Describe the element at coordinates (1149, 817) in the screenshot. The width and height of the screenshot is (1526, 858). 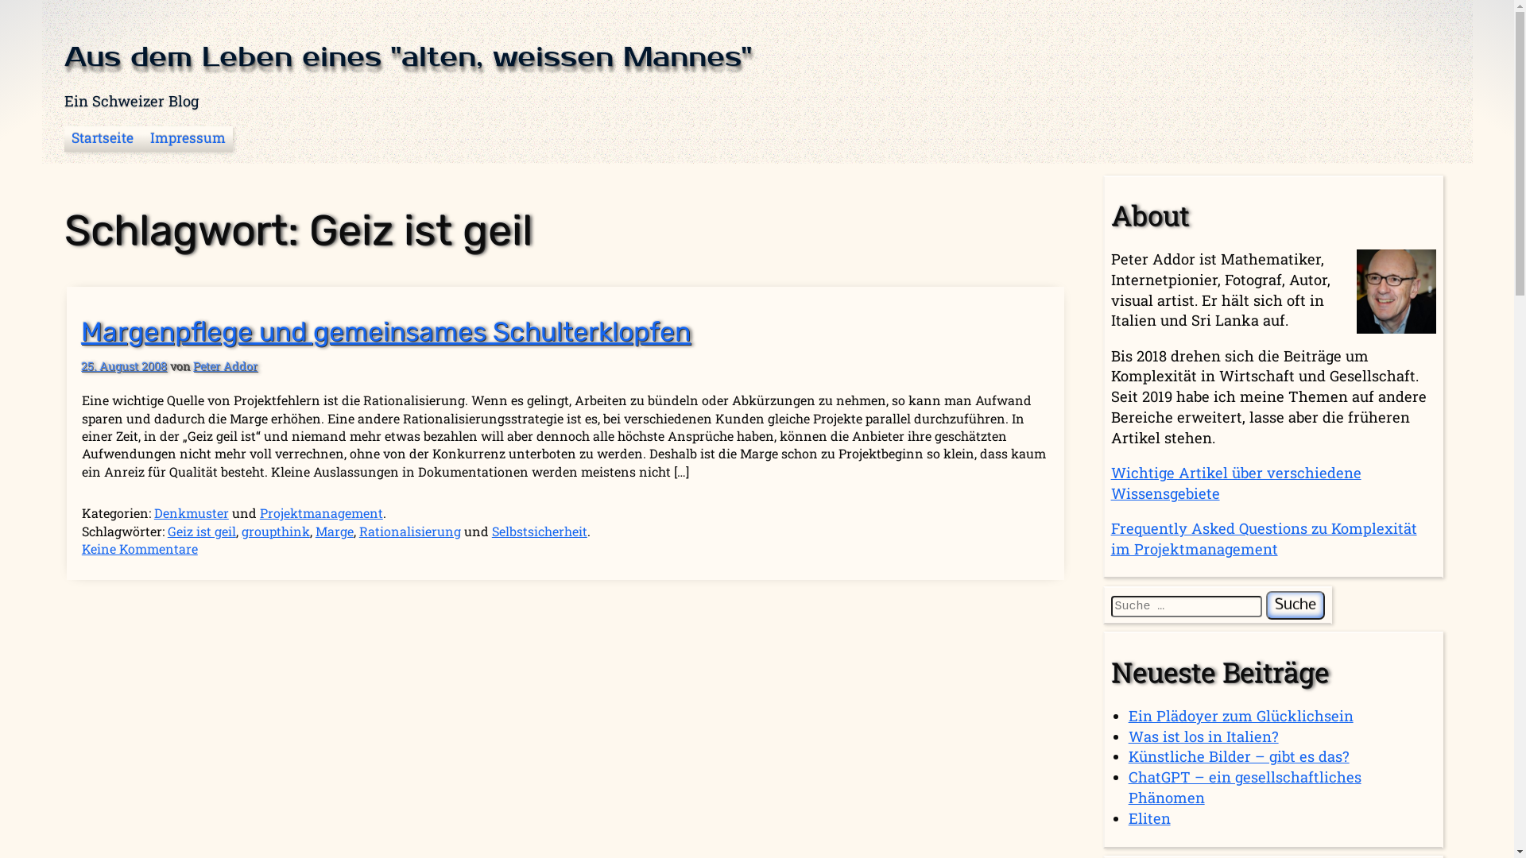
I see `'Eliten'` at that location.